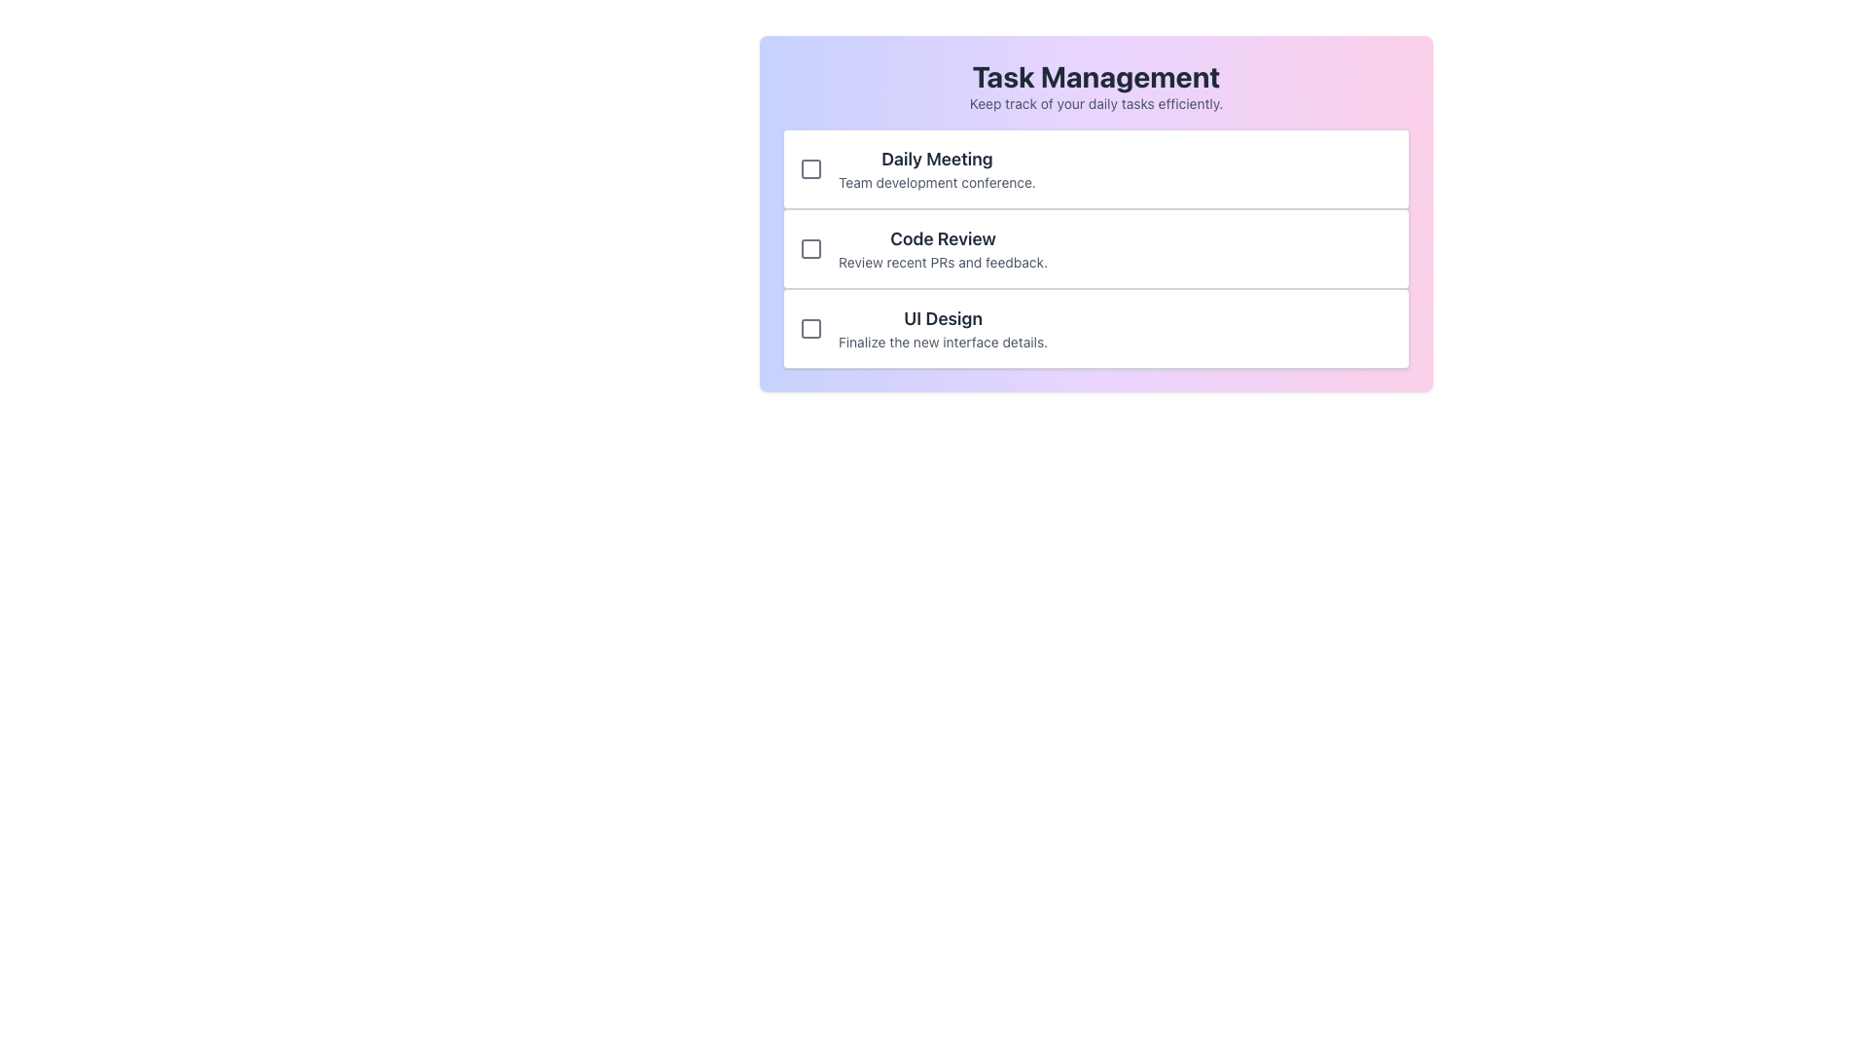 Image resolution: width=1868 pixels, height=1051 pixels. I want to click on the composite text element titled 'Task Management' which includes the subtitle 'Keep track of your daily tasks efficiently.', so click(1096, 85).